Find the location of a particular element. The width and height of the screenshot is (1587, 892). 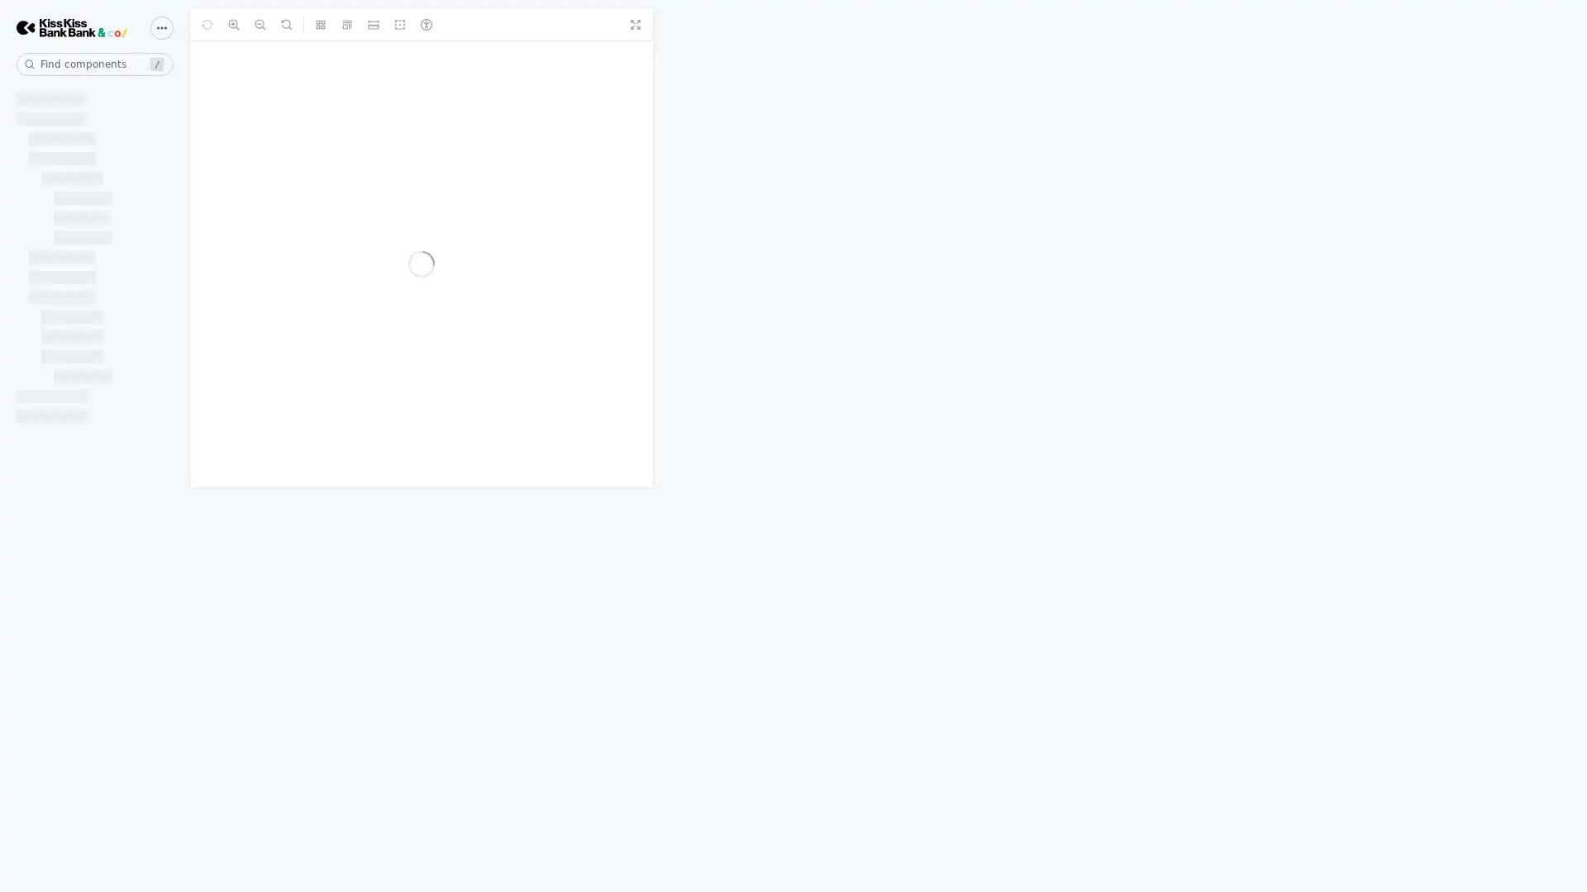

Canvas is located at coordinates (223, 25).